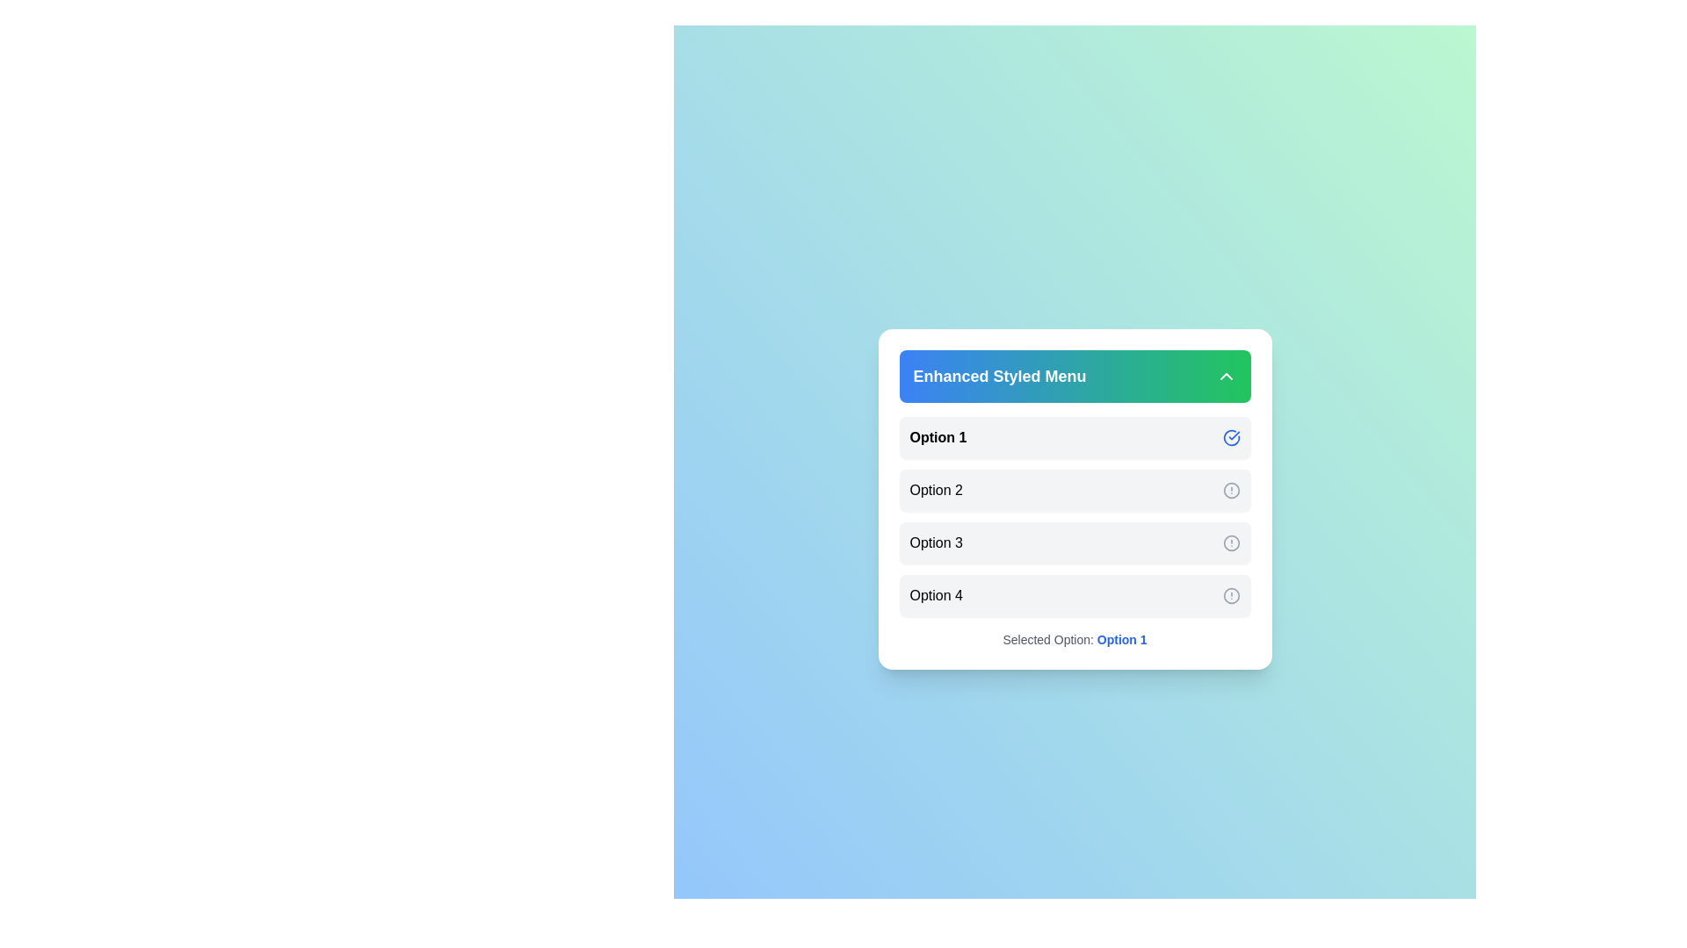 The height and width of the screenshot is (948, 1687). Describe the element at coordinates (1074, 491) in the screenshot. I see `the menu option Option 2 to observe its hover effect` at that location.